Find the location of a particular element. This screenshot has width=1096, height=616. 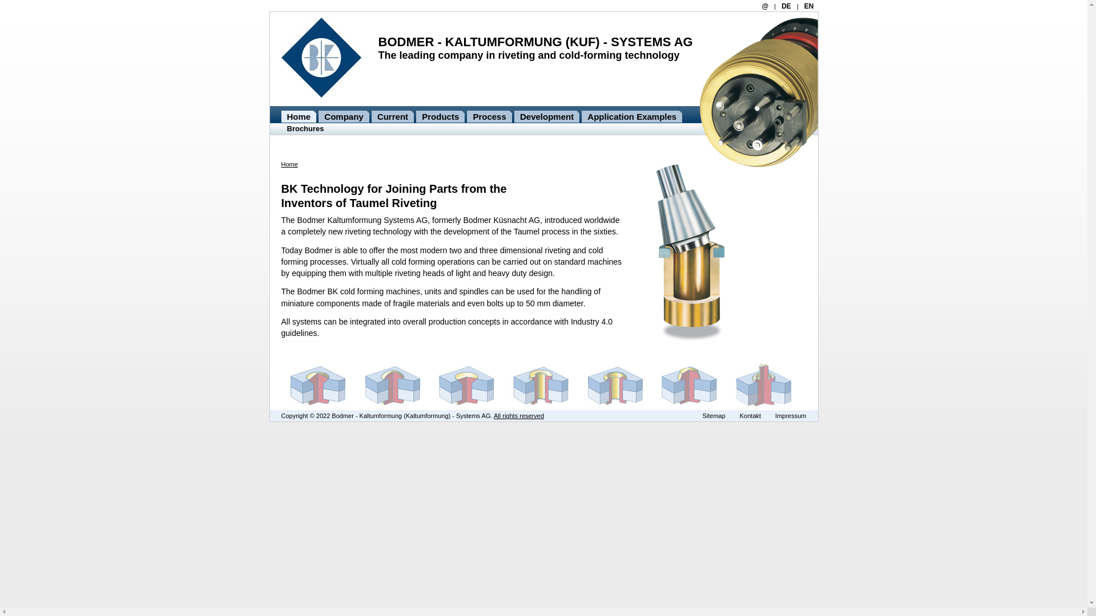

'Current' is located at coordinates (392, 116).